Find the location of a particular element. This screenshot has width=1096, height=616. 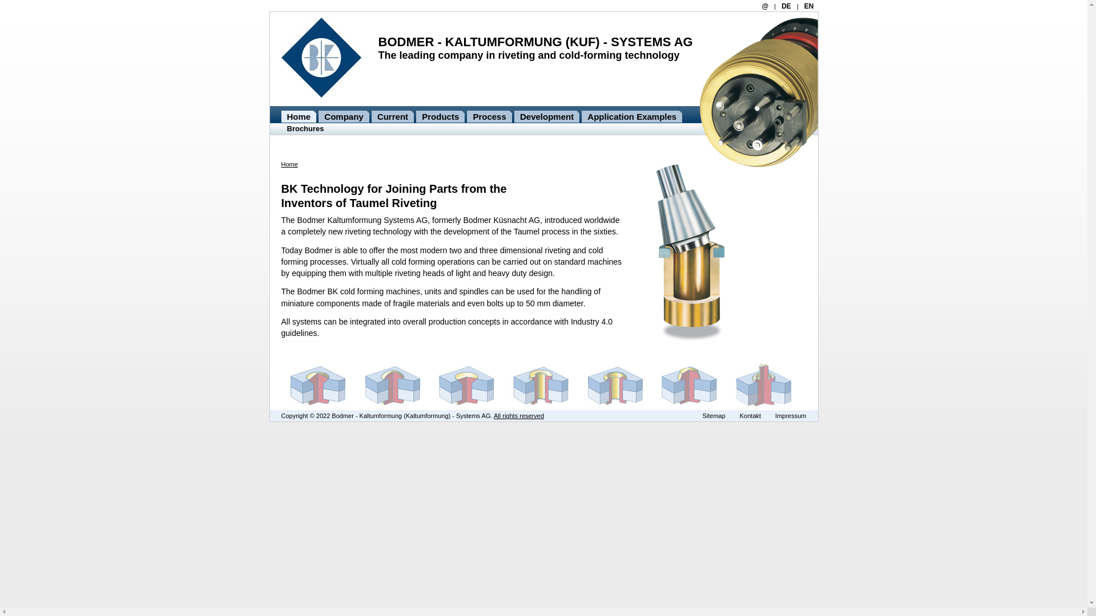

'Current' is located at coordinates (392, 116).